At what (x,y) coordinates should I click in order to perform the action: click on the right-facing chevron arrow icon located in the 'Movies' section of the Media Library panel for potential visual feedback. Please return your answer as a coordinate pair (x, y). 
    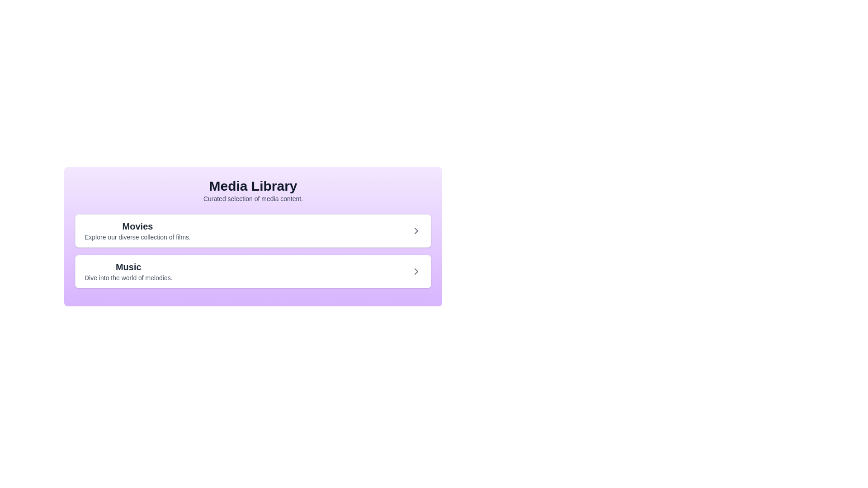
    Looking at the image, I should click on (416, 230).